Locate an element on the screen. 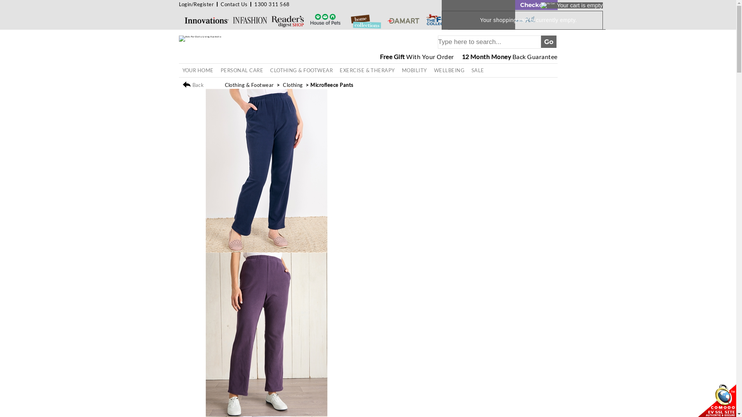  'Your cart is empty' is located at coordinates (572, 5).